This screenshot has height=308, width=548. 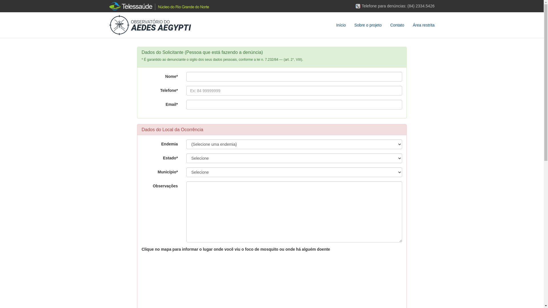 What do you see at coordinates (368, 25) in the screenshot?
I see `'Sobre o projeto'` at bounding box center [368, 25].